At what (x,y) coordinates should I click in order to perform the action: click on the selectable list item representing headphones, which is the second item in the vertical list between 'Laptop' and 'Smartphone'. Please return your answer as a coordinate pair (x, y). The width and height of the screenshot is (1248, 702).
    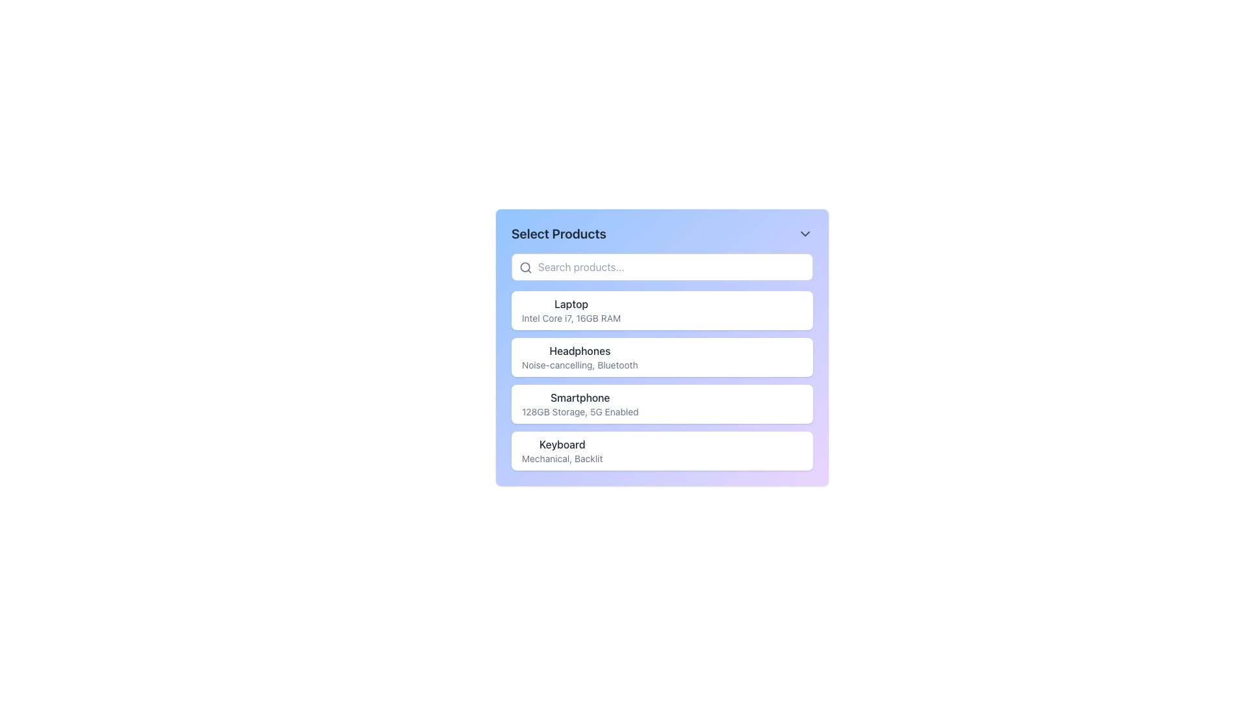
    Looking at the image, I should click on (662, 357).